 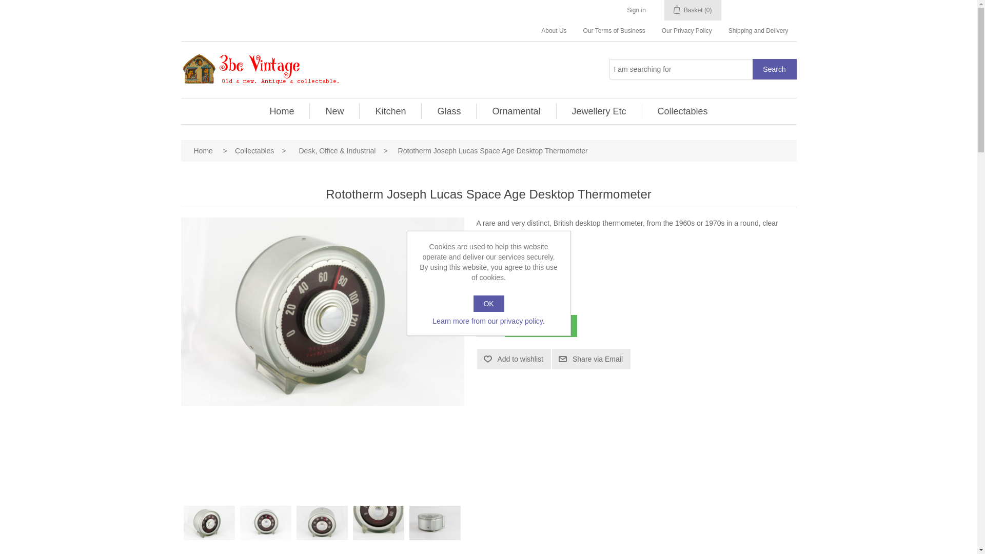 I want to click on 'Basket (0)', so click(x=693, y=10).